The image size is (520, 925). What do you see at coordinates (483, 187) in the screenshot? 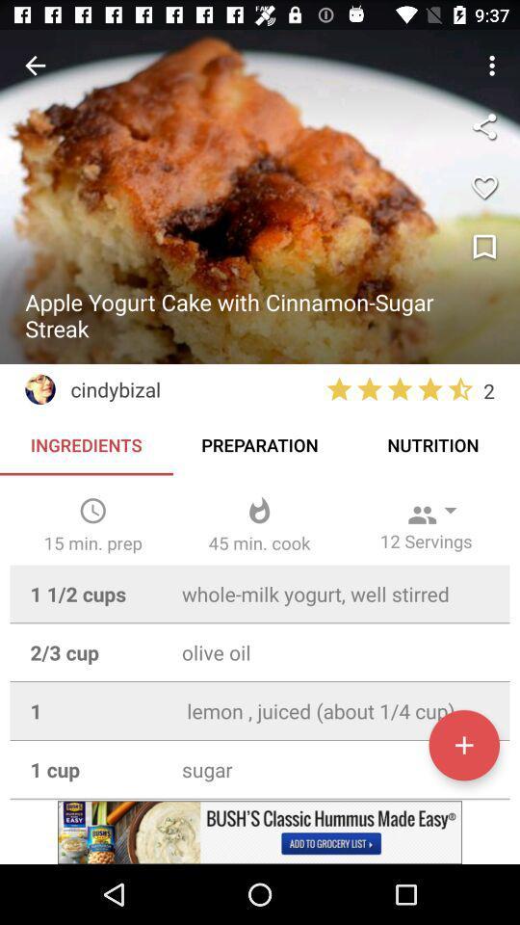
I see `favorite` at bounding box center [483, 187].